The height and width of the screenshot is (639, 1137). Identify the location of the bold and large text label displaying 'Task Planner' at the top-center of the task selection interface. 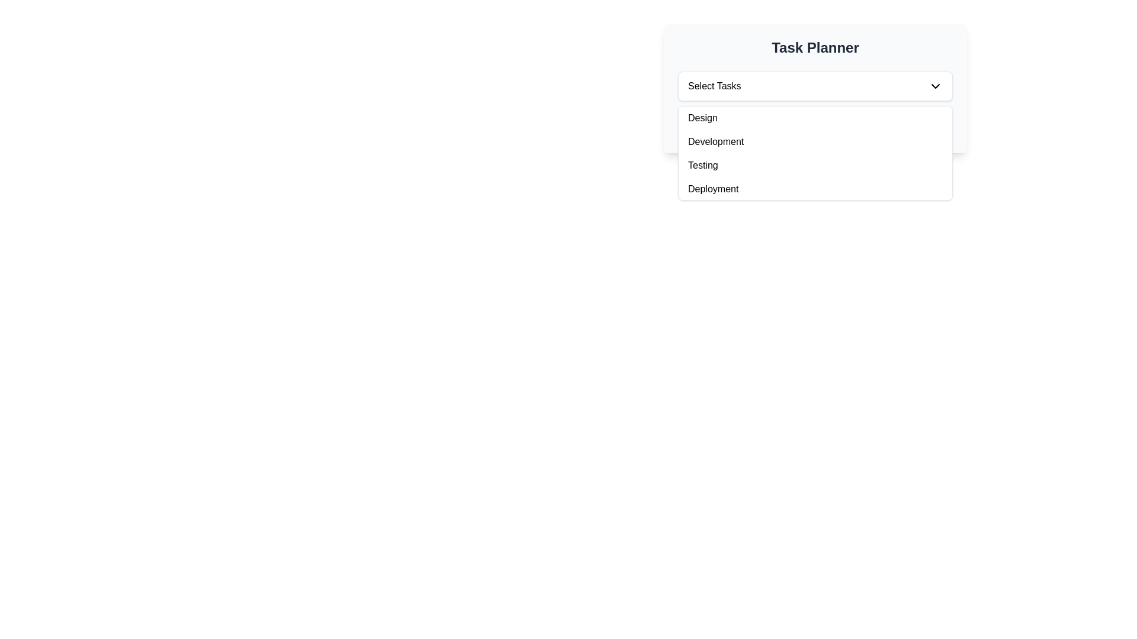
(815, 47).